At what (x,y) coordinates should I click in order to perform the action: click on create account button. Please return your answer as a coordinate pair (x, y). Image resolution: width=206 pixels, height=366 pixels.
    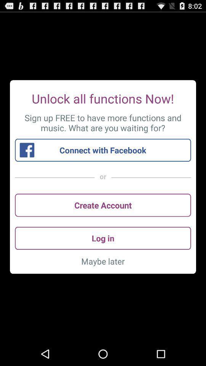
    Looking at the image, I should click on (103, 205).